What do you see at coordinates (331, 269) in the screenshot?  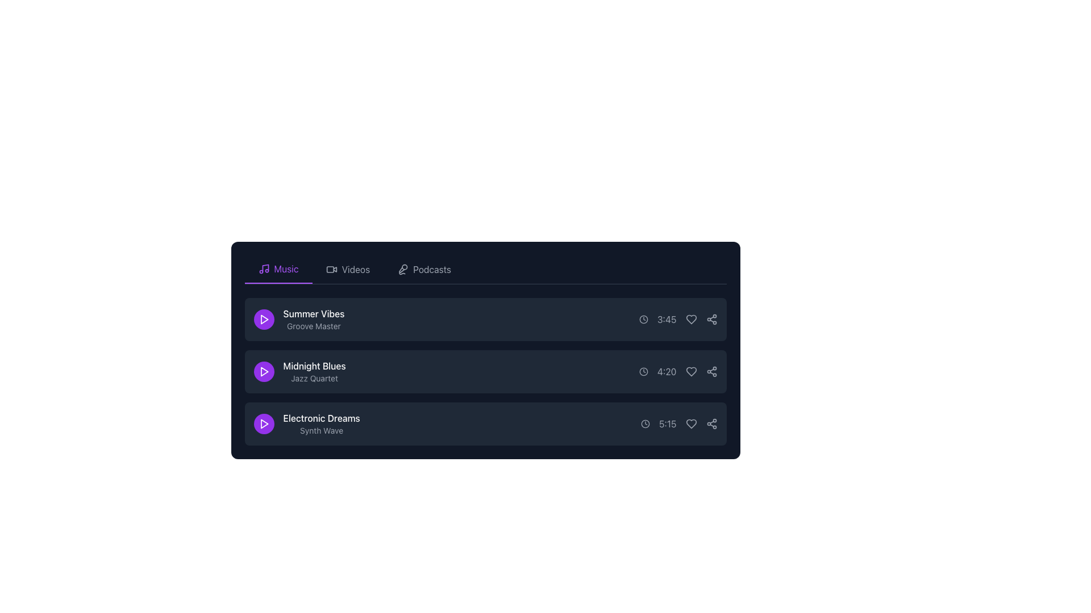 I see `the 'Videos' icon in the top-center vertical menu` at bounding box center [331, 269].